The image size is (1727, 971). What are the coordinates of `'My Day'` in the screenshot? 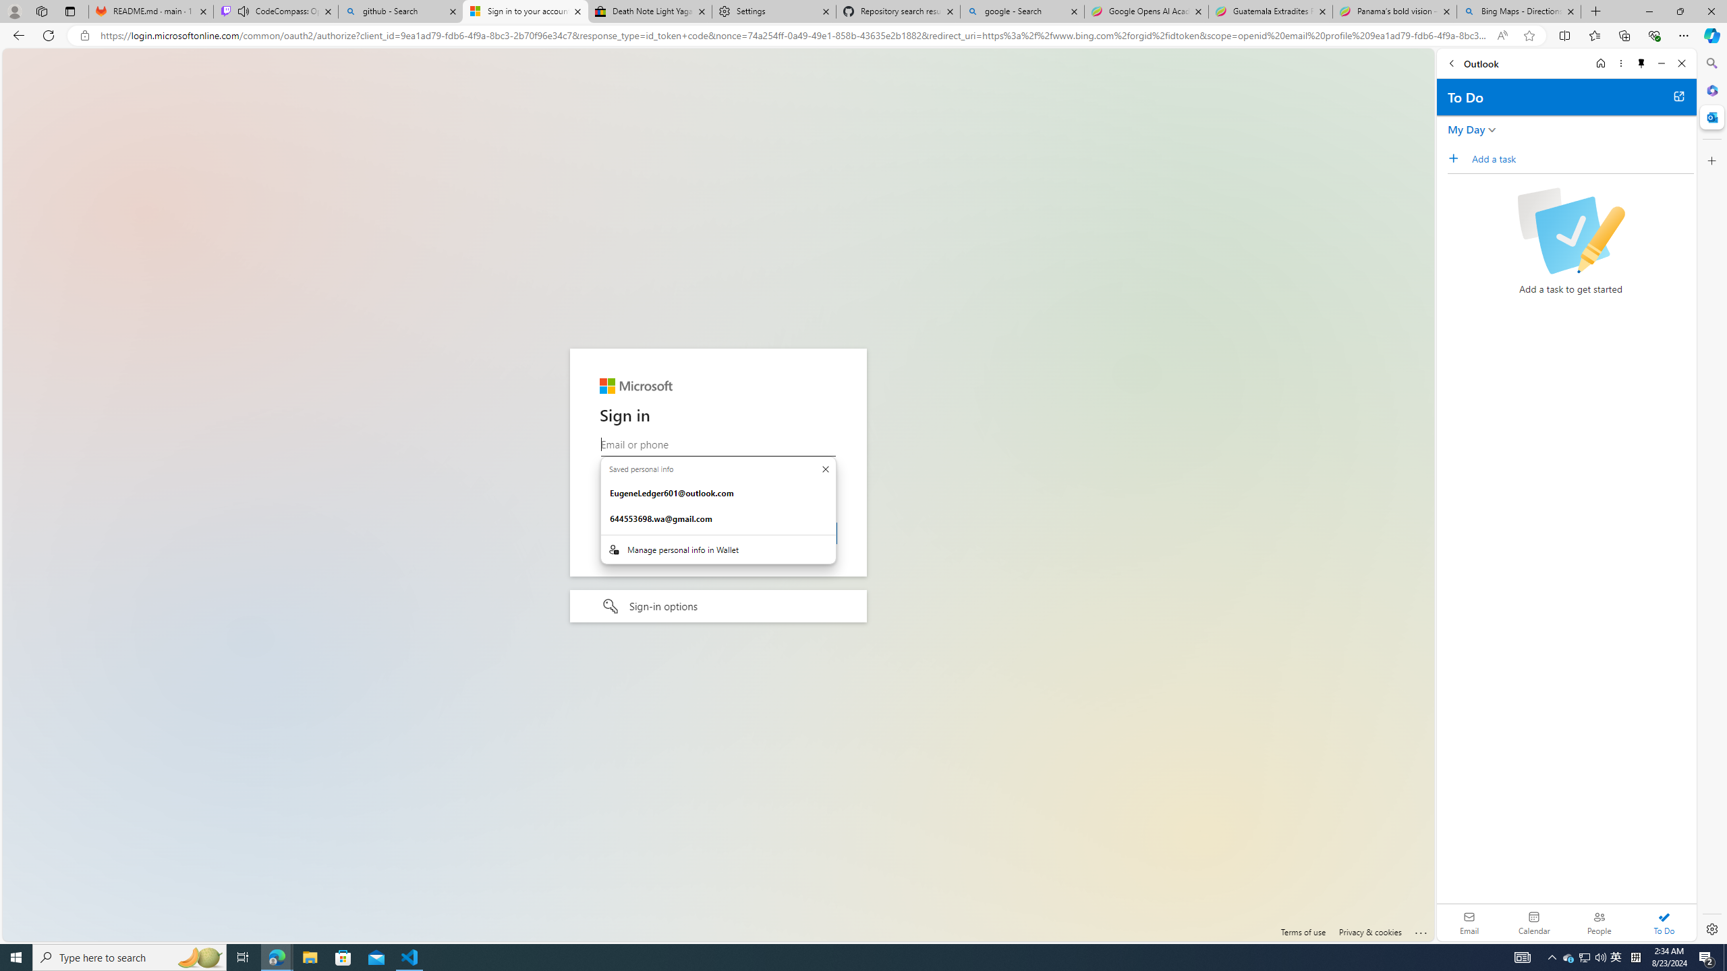 It's located at (1465, 129).